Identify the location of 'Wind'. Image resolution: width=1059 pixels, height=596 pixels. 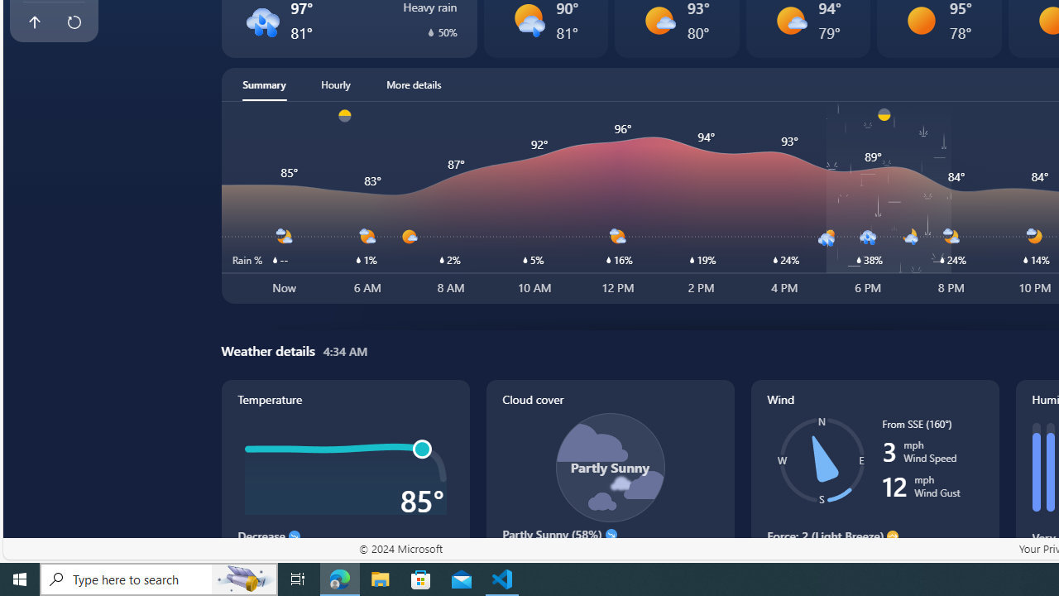
(874, 483).